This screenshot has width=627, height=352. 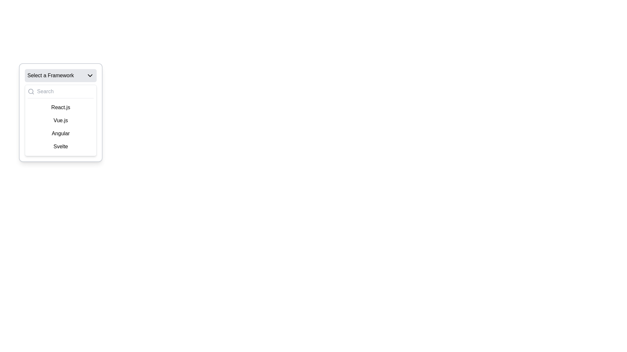 What do you see at coordinates (31, 92) in the screenshot?
I see `the small gray magnifying glass icon located to the left of the 'Search' text input field in the upper section of the dropdown interface` at bounding box center [31, 92].